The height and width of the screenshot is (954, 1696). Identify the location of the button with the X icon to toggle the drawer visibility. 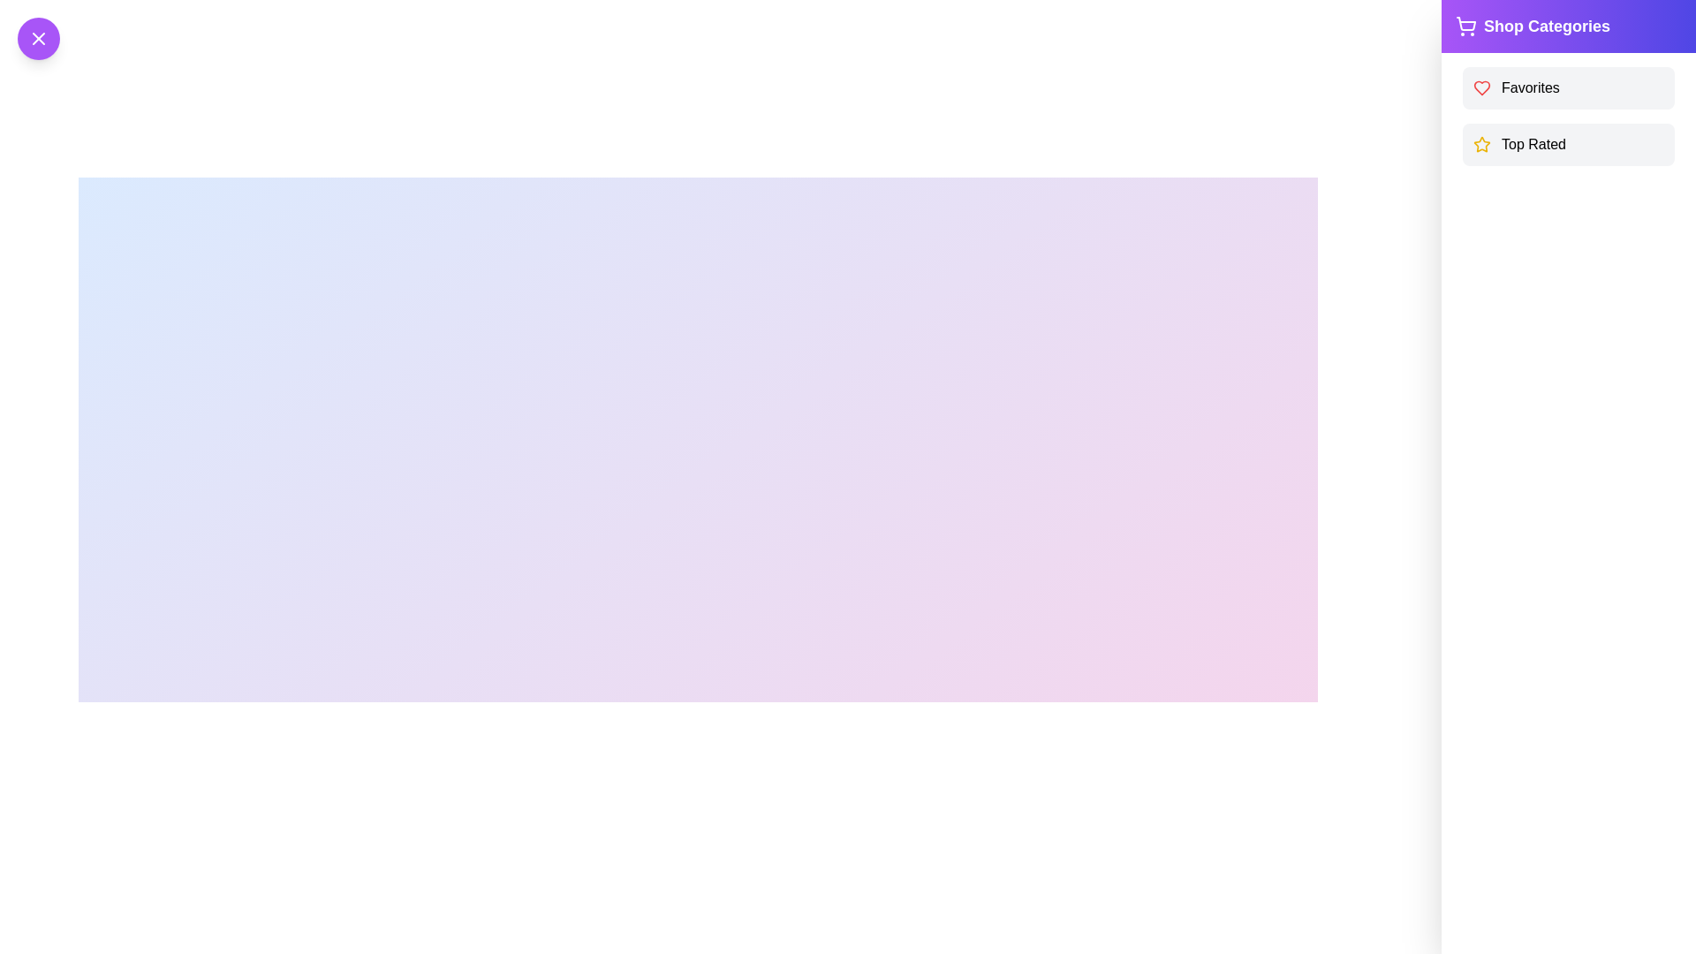
(38, 38).